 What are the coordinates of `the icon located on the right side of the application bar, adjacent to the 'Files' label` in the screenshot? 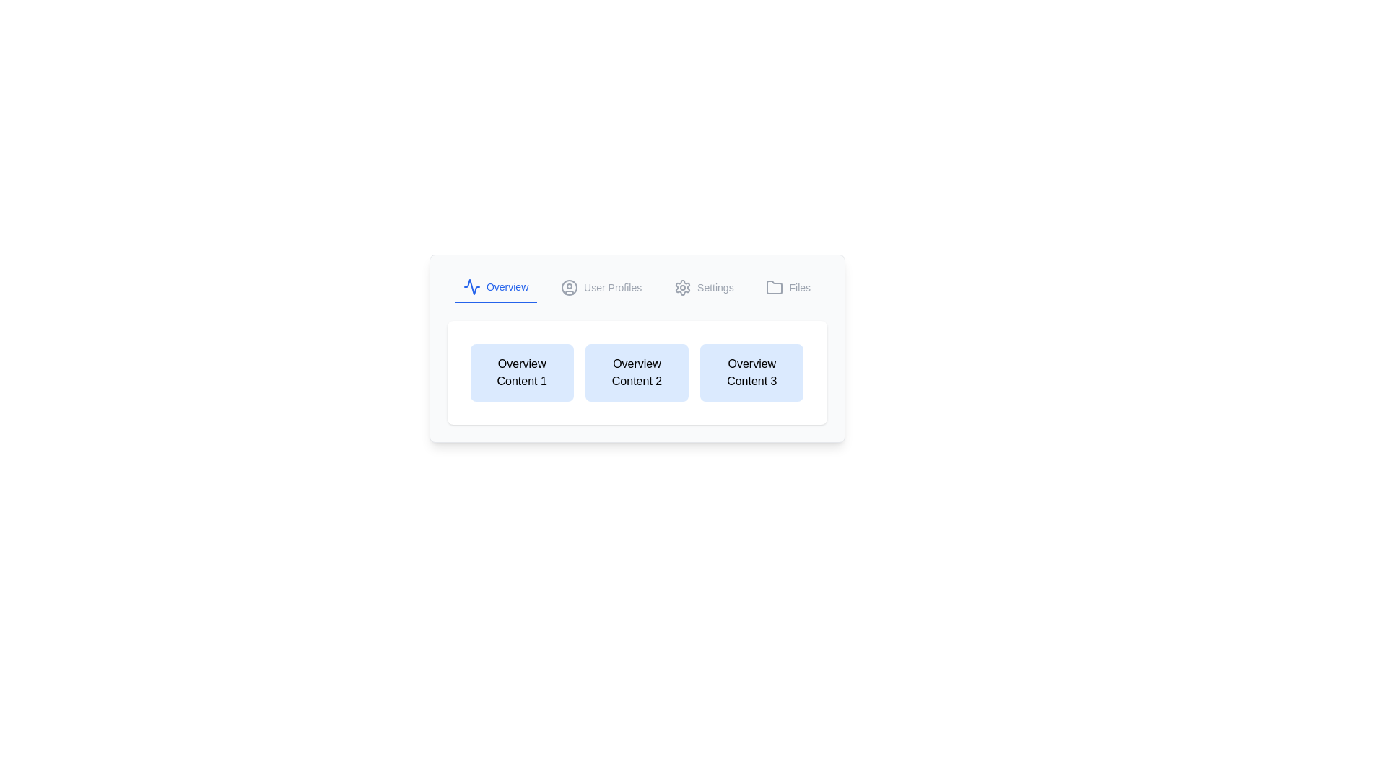 It's located at (774, 287).